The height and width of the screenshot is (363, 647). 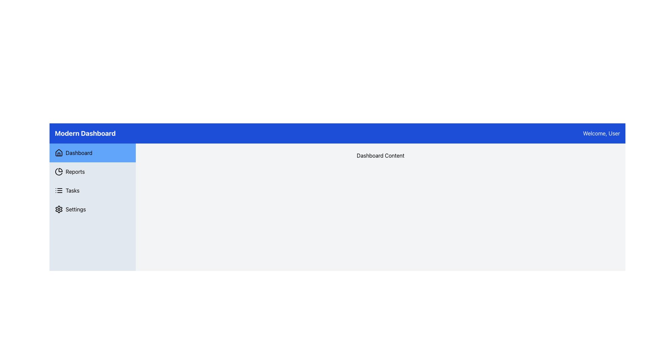 What do you see at coordinates (79, 153) in the screenshot?
I see `the 'Dashboard' text label, which is styled with a class attribute of 'ml-2' and positioned to the right of the home icon in the sidebar navigation panel` at bounding box center [79, 153].